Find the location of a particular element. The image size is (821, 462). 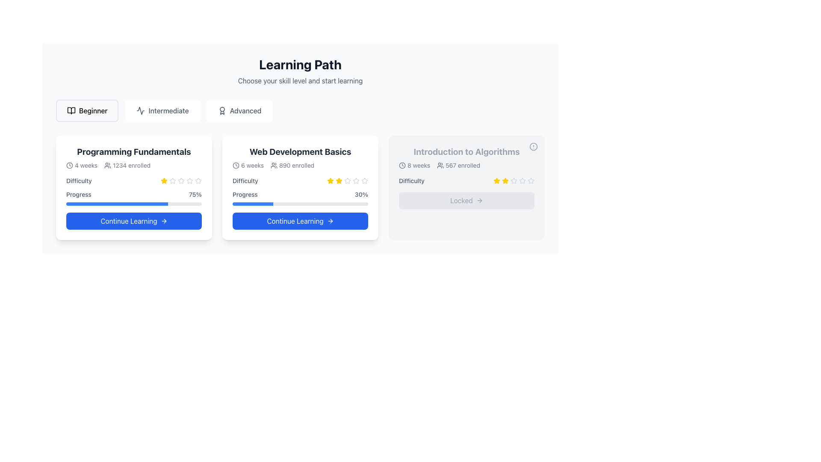

the informational text element displaying '8 weeks' and '567 enrolled', located under the 'Introduction to Algorithms' section header, within the third card from the left is located at coordinates (466, 165).